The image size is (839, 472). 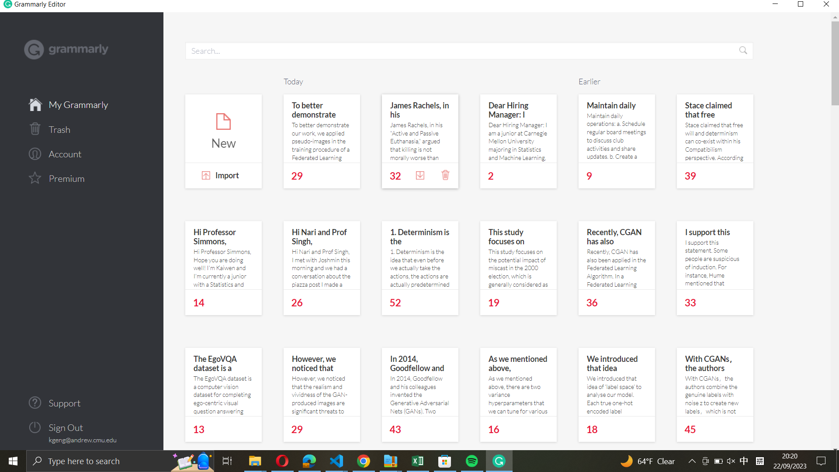 I want to click on Insert the required file, so click(x=223, y=177).